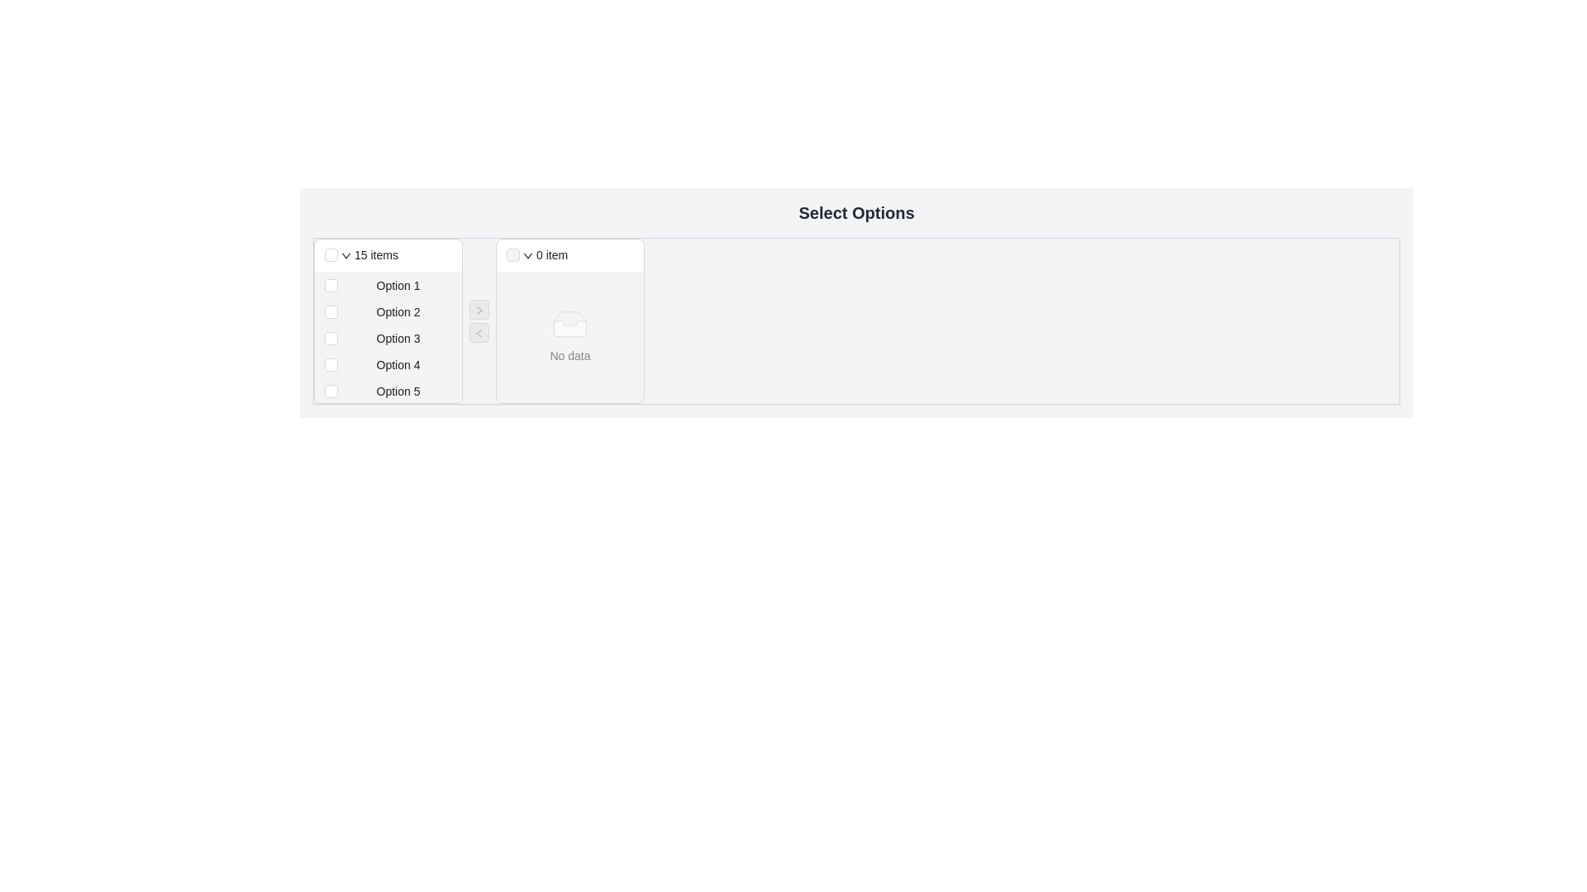 This screenshot has height=892, width=1587. What do you see at coordinates (570, 325) in the screenshot?
I see `the displayed information on the Informative icon located under the '0 item' dropdown in the central section of the interface` at bounding box center [570, 325].